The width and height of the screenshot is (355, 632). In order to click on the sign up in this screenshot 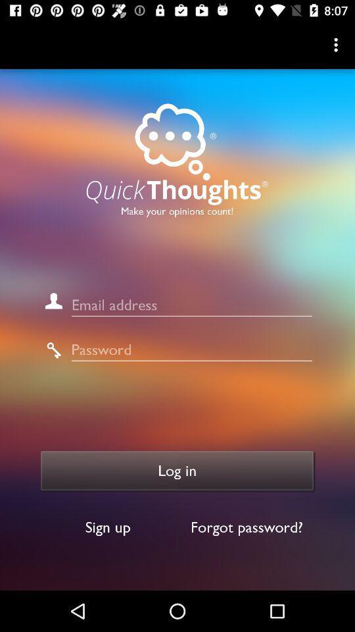, I will do `click(107, 527)`.